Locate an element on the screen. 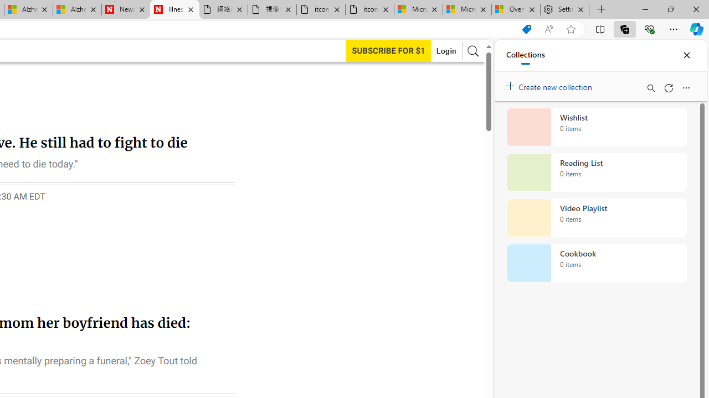 The width and height of the screenshot is (709, 398). 'AutomationID: search-btn' is located at coordinates (474, 51).